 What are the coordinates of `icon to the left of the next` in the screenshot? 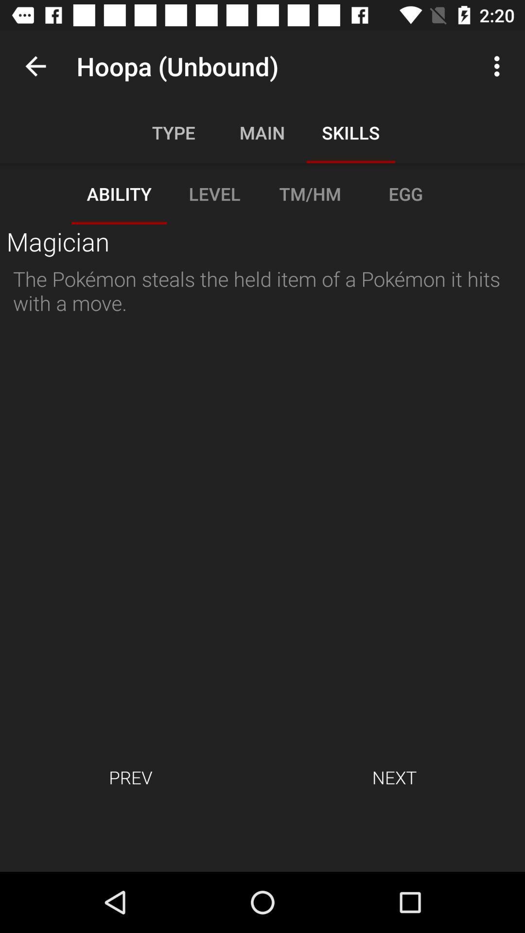 It's located at (130, 777).